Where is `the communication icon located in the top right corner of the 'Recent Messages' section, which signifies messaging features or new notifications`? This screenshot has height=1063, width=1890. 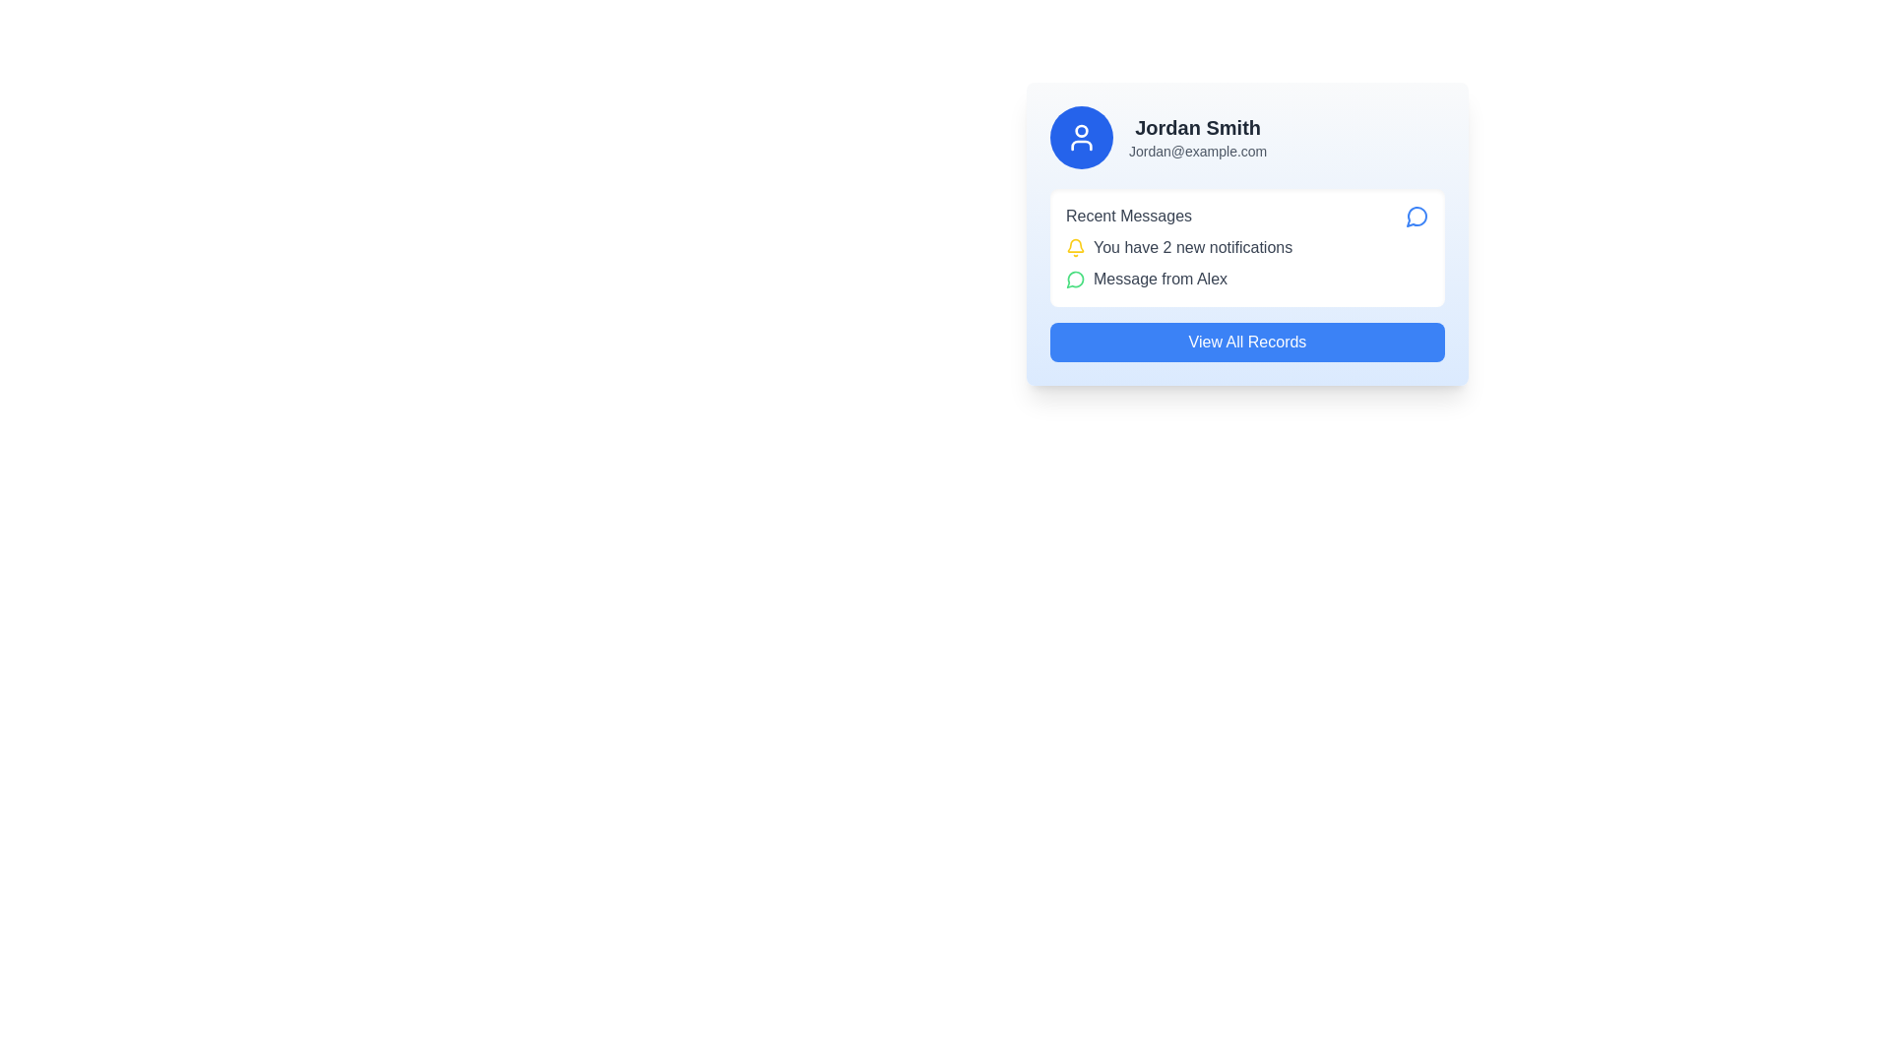
the communication icon located in the top right corner of the 'Recent Messages' section, which signifies messaging features or new notifications is located at coordinates (1416, 217).